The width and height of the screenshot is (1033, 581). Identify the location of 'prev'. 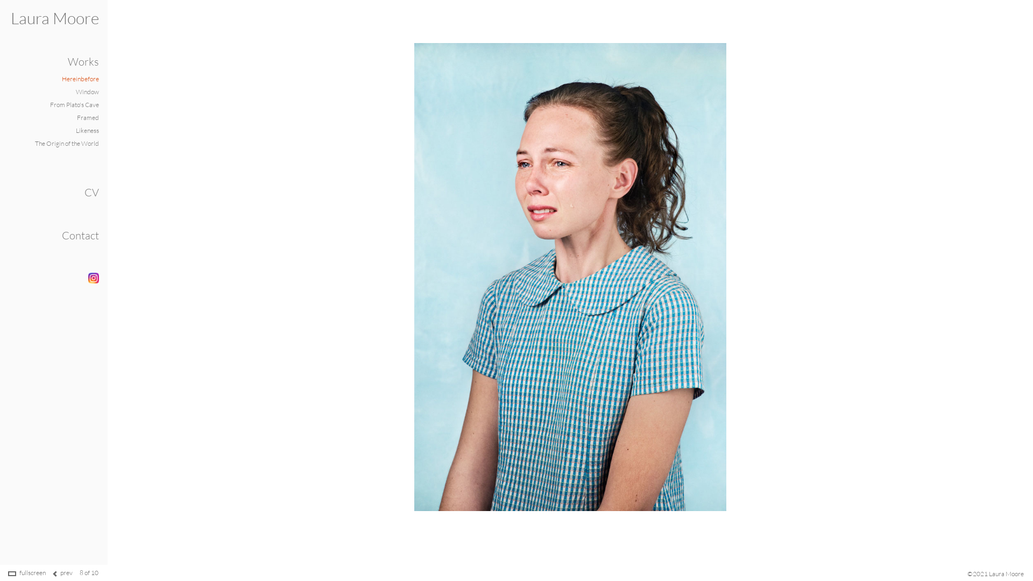
(66, 571).